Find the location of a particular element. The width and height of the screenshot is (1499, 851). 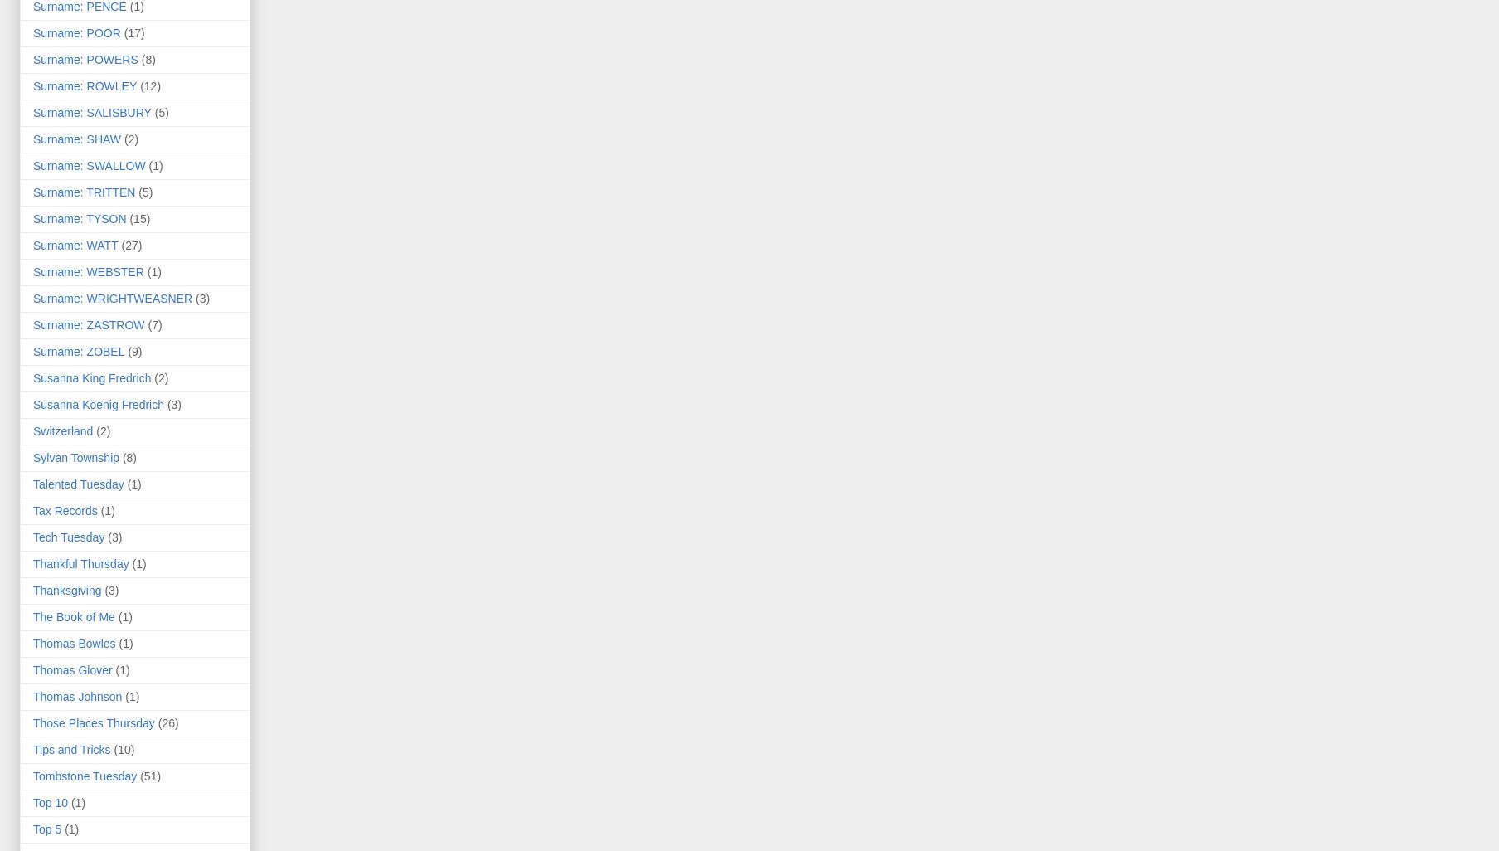

'Surname: WRIGHTWEASNER' is located at coordinates (32, 298).